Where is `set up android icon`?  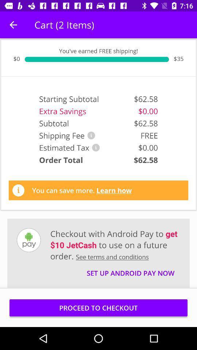 set up android icon is located at coordinates (130, 269).